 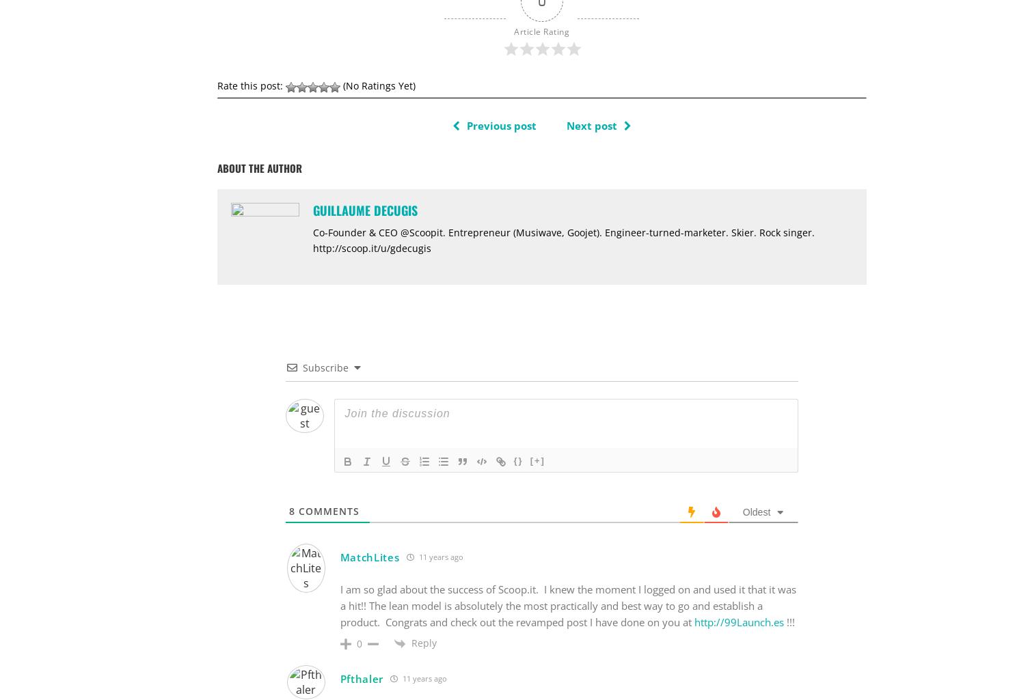 What do you see at coordinates (563, 239) in the screenshot?
I see `'Co-Founder & CEO @Scoopit. Entrepreneur (Musiwave, Goojet). Engineer-turned-marketer. Skier. Rock singer. http://scoop.it/u/gdecugis'` at bounding box center [563, 239].